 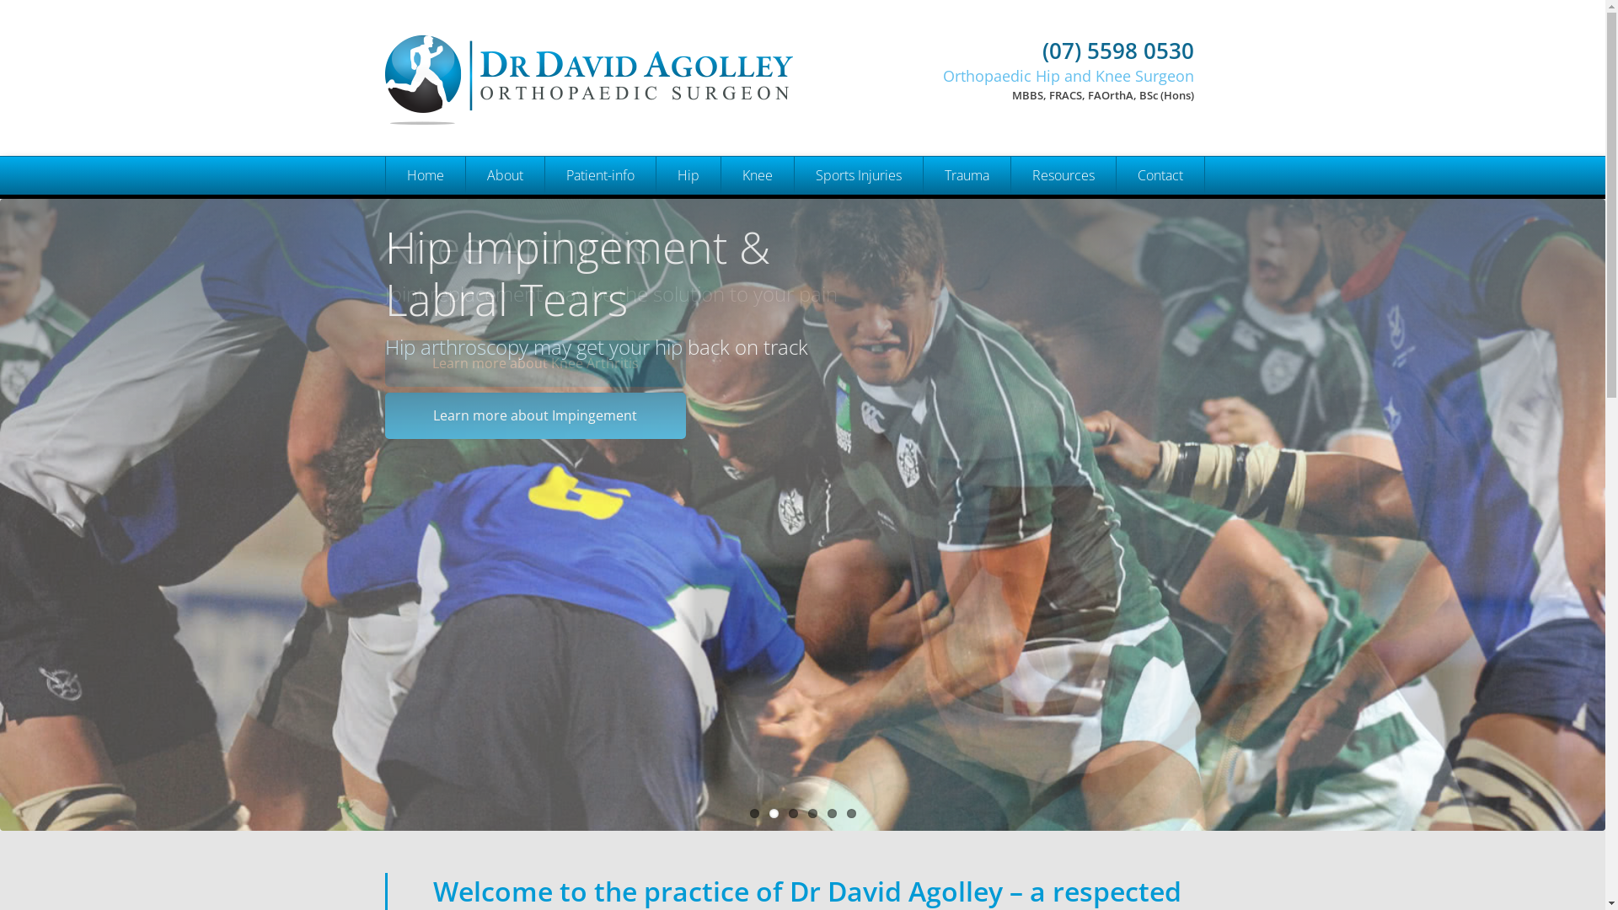 What do you see at coordinates (65, 0) in the screenshot?
I see `'Skip to main content'` at bounding box center [65, 0].